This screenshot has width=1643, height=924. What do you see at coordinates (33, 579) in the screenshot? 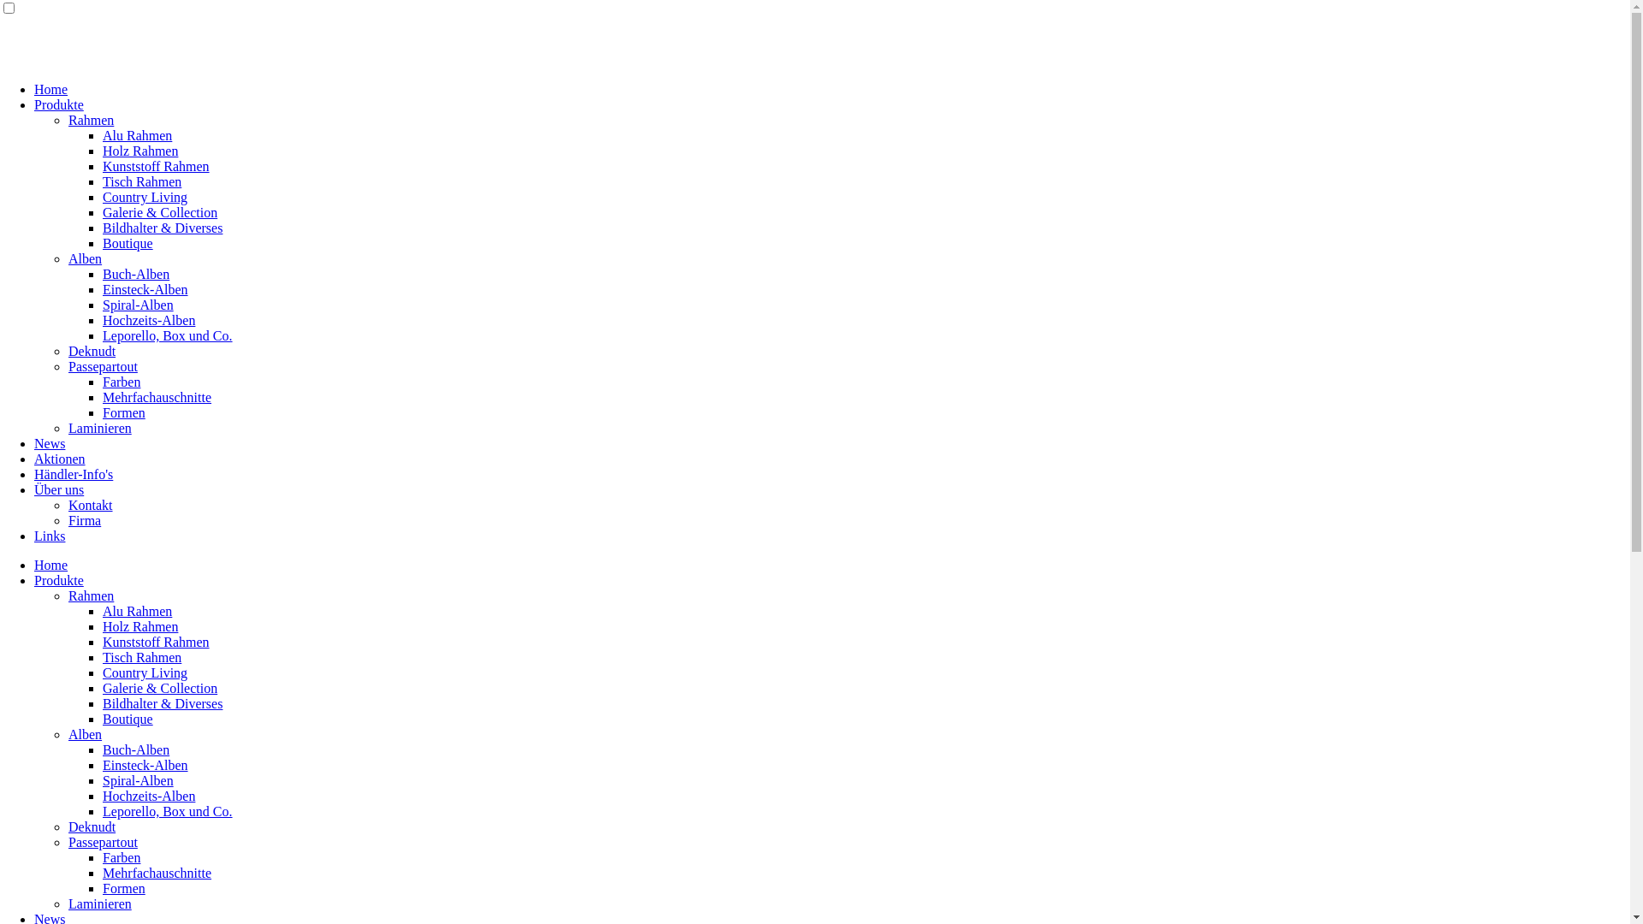
I see `'Produkte'` at bounding box center [33, 579].